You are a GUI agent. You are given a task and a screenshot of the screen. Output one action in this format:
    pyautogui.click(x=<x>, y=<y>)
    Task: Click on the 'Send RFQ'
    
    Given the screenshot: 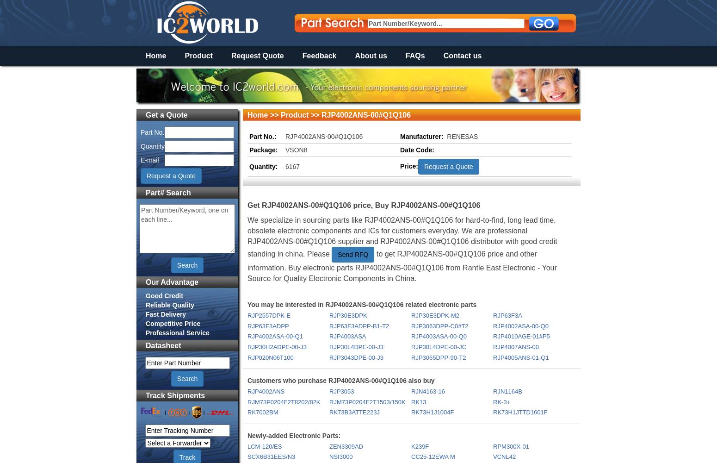 What is the action you would take?
    pyautogui.click(x=353, y=255)
    